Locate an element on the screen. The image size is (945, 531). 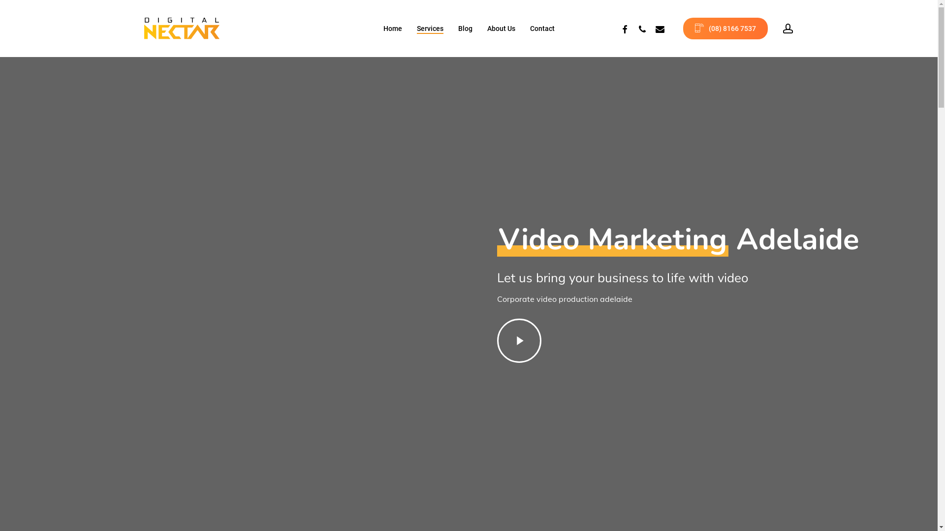
'About Us' is located at coordinates (501, 28).